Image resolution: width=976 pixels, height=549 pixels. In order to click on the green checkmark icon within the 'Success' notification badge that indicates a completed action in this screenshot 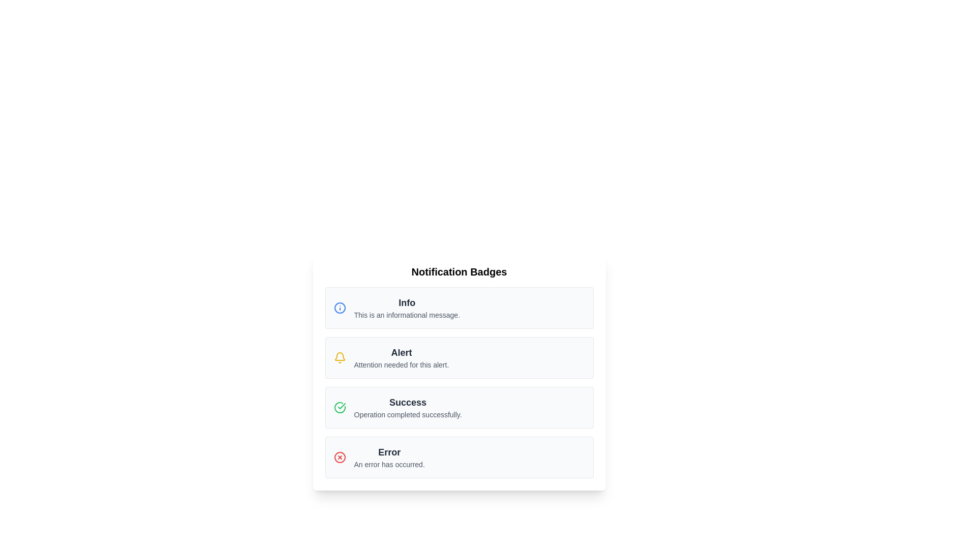, I will do `click(342, 405)`.